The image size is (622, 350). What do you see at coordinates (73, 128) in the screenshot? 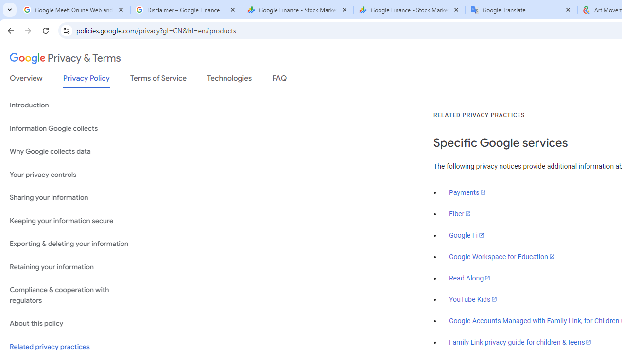
I see `'Information Google collects'` at bounding box center [73, 128].